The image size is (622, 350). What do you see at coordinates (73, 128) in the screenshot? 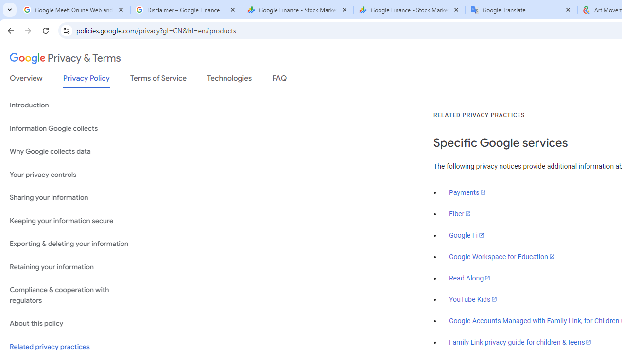
I see `'Information Google collects'` at bounding box center [73, 128].